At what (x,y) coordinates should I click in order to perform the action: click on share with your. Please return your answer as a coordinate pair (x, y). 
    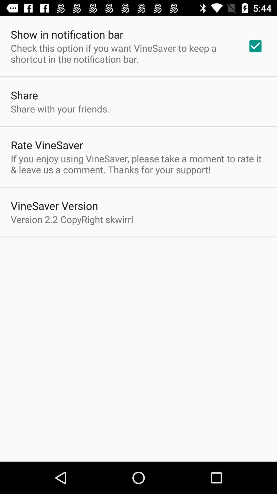
    Looking at the image, I should click on (60, 108).